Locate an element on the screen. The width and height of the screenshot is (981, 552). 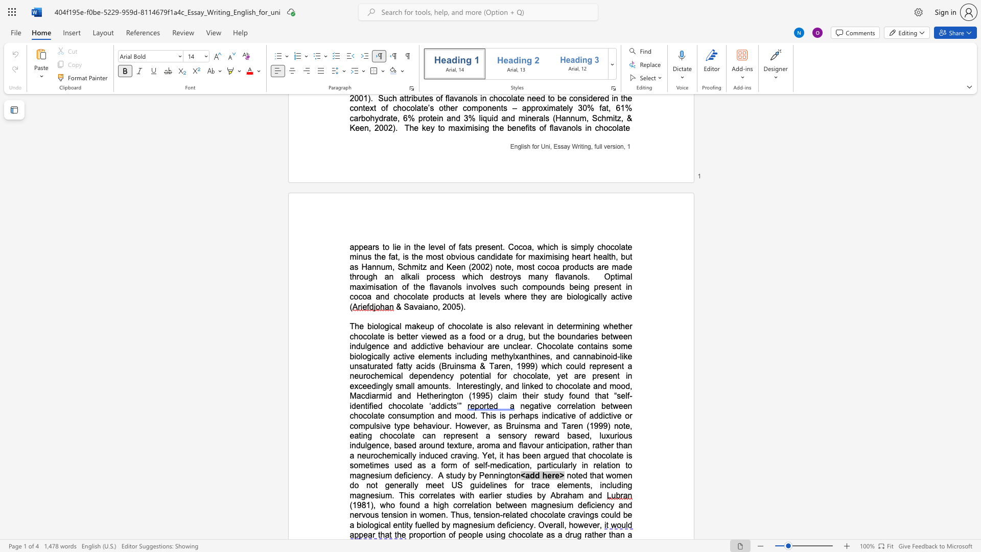
the subset text "a food or a drug, but the boundaries between indulgence and a" within the text "whether chocolate is better viewed as a food or a drug, but the boundaries between indulgence and addictive behaviour are unclear. Chocolate" is located at coordinates (461, 336).